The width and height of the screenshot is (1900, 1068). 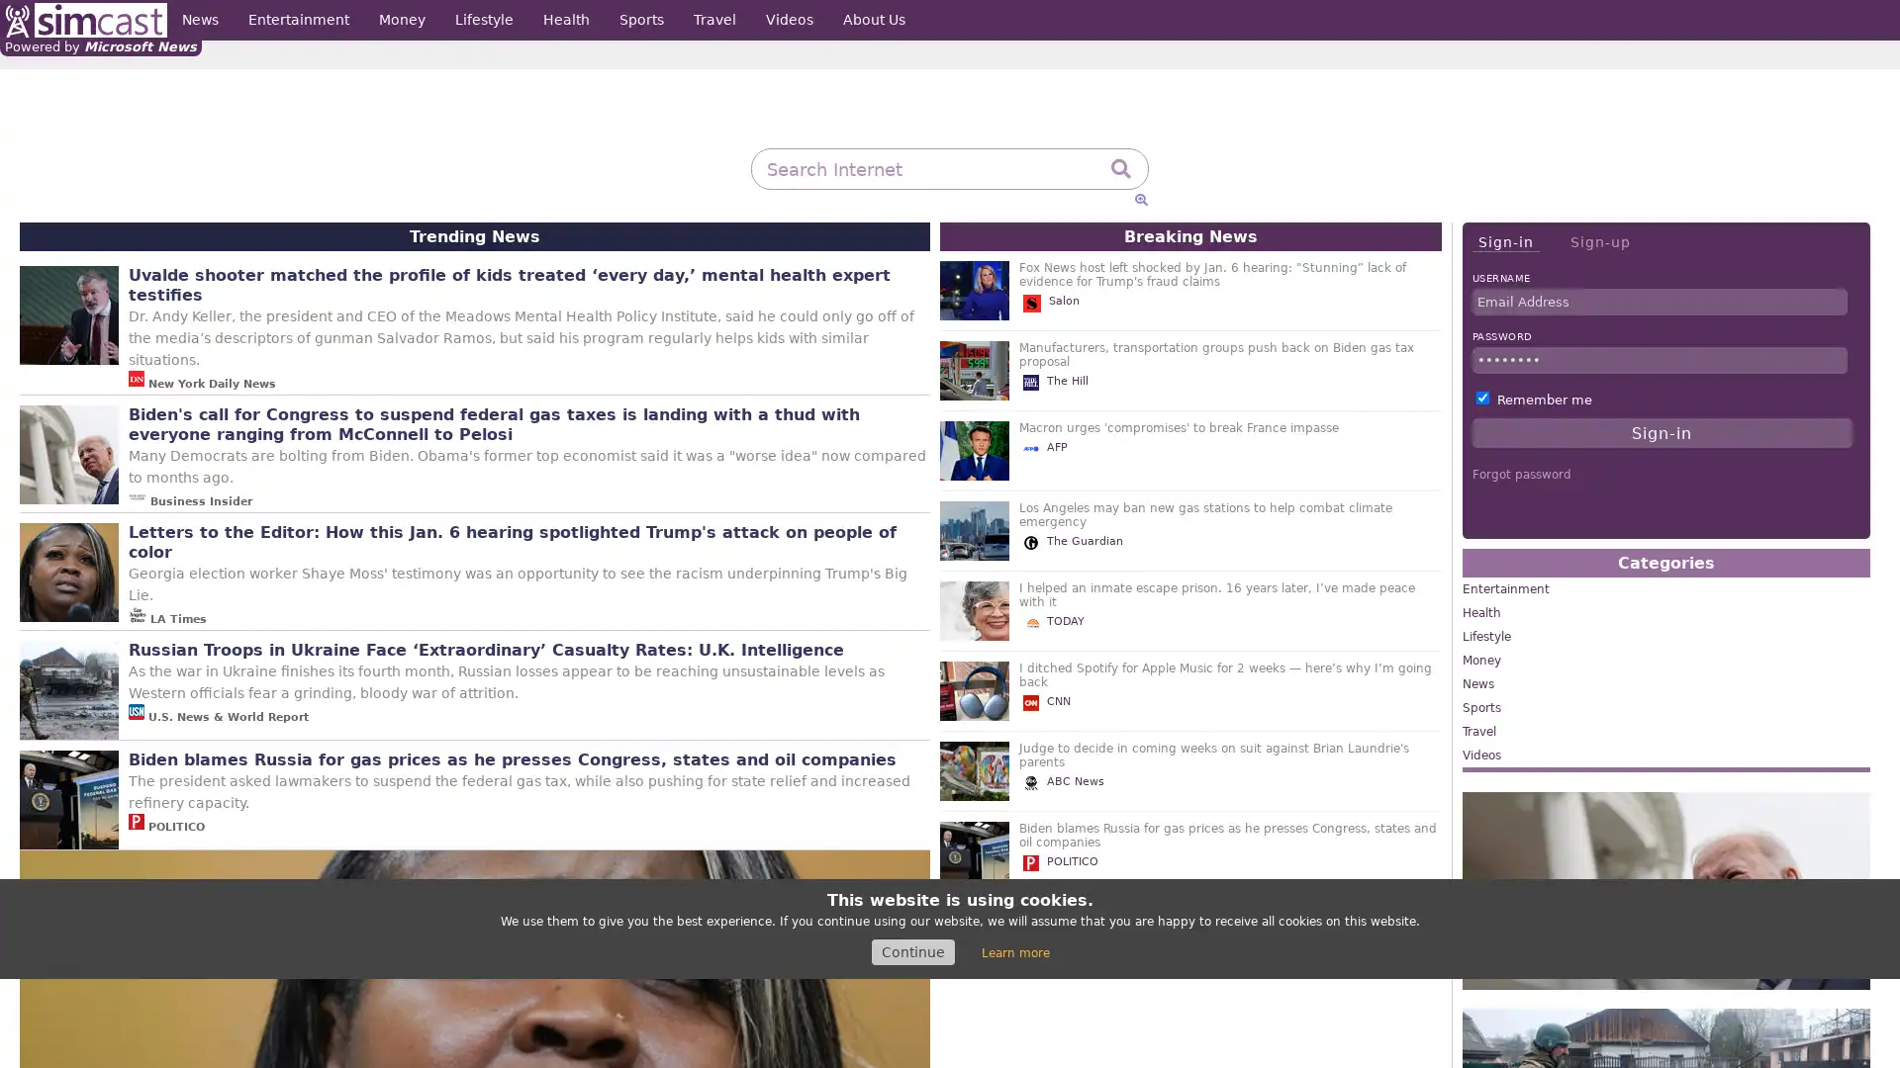 I want to click on Sign-in, so click(x=1662, y=432).